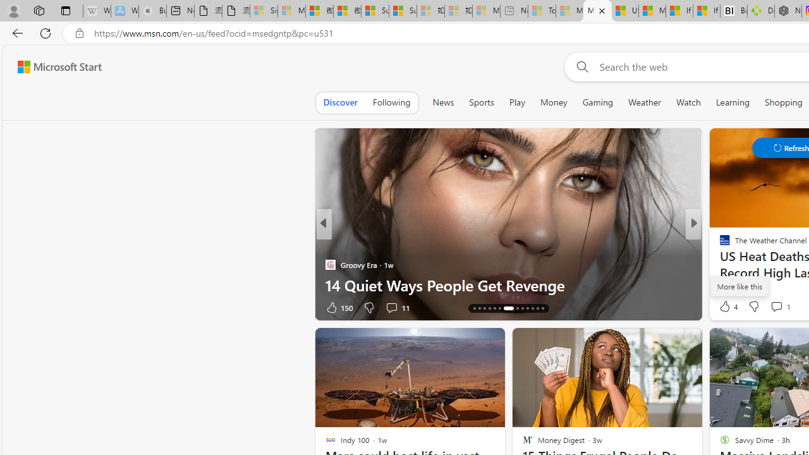  Describe the element at coordinates (338, 307) in the screenshot. I see `'150 Like'` at that location.